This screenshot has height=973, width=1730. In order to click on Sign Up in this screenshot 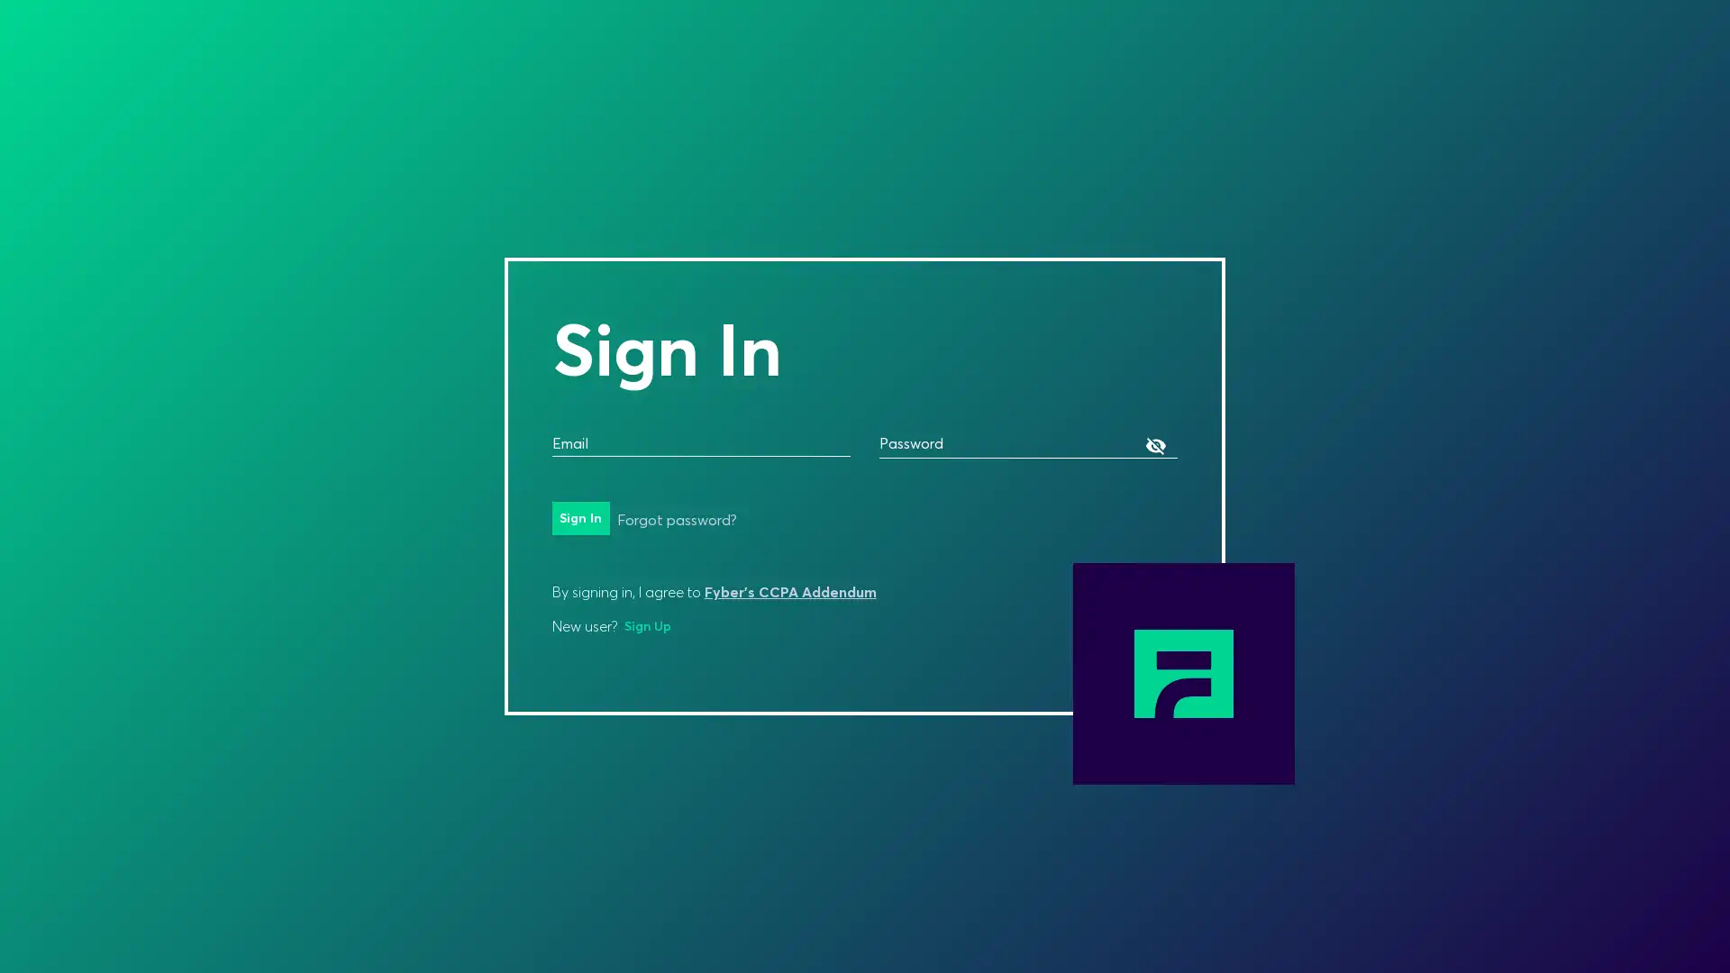, I will do `click(647, 624)`.